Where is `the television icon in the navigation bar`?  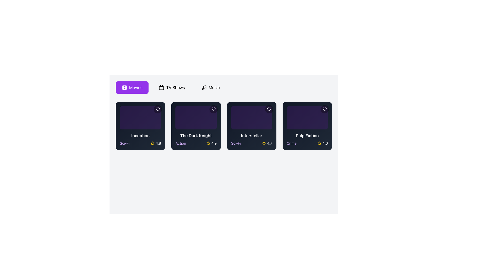 the television icon in the navigation bar is located at coordinates (161, 88).